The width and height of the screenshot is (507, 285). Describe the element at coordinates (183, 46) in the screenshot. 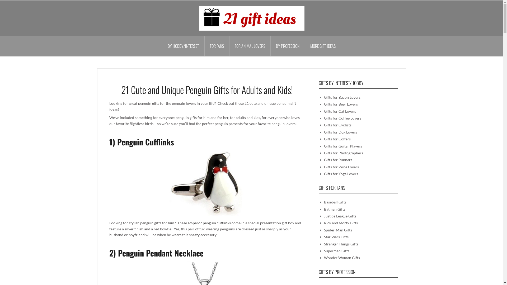

I see `'BY HOBBY/INTEREST'` at that location.